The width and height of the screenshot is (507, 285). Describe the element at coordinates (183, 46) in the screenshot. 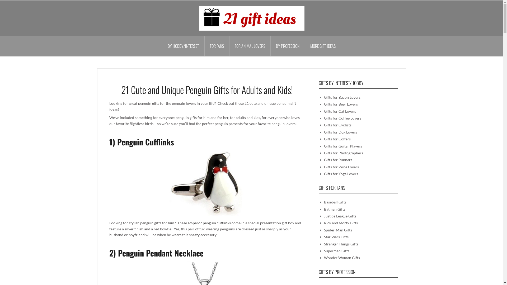

I see `'BY HOBBY/INTEREST'` at that location.